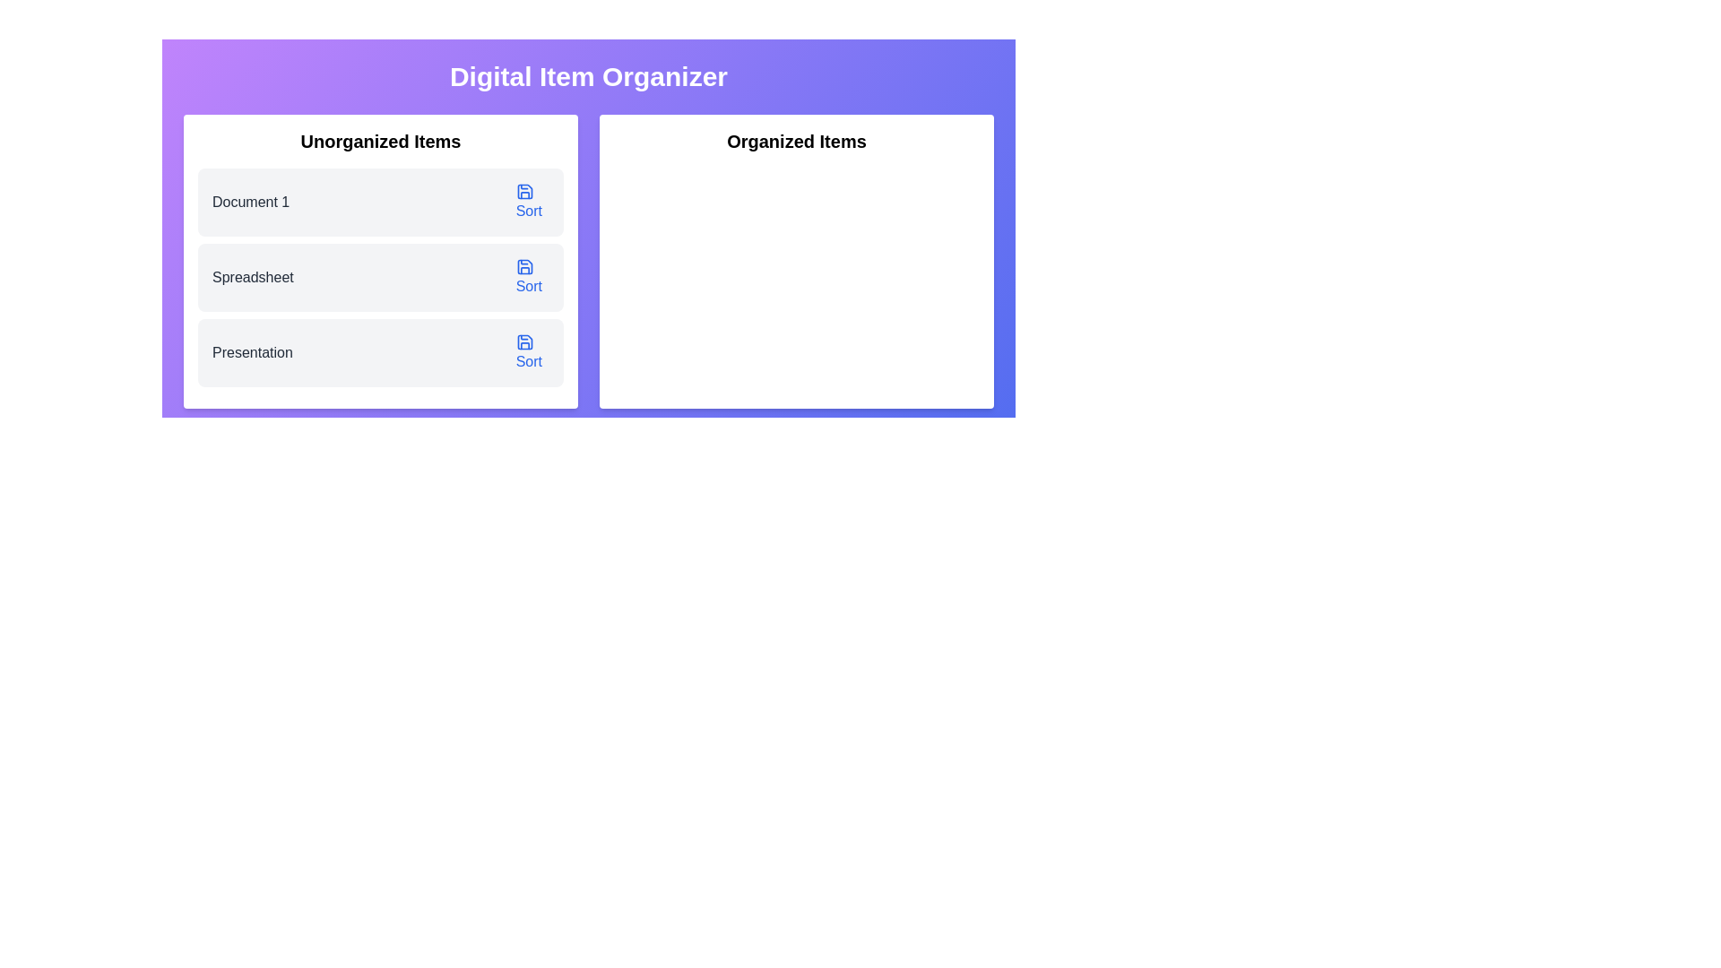 This screenshot has width=1721, height=968. I want to click on the first List Item labeled 'Document 1', so click(380, 202).